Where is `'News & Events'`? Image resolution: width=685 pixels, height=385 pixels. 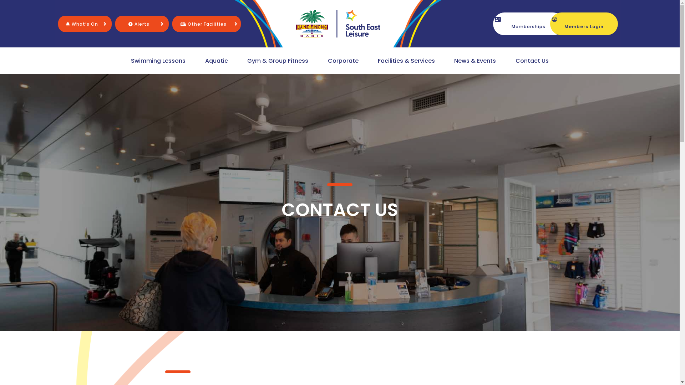 'News & Events' is located at coordinates (452, 60).